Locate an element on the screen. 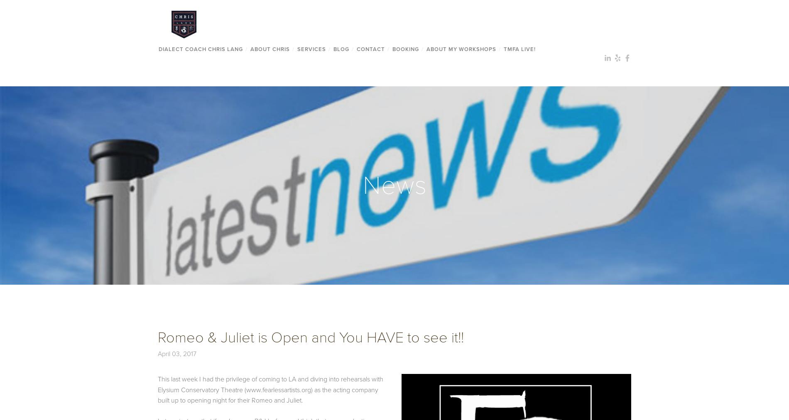 Image resolution: width=789 pixels, height=420 pixels. 'News' is located at coordinates (394, 185).